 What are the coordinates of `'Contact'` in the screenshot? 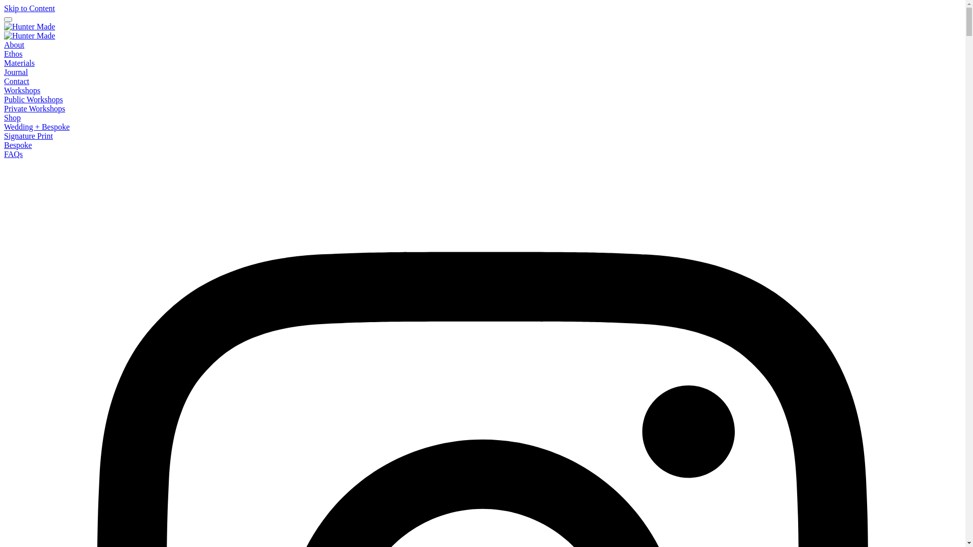 It's located at (17, 81).